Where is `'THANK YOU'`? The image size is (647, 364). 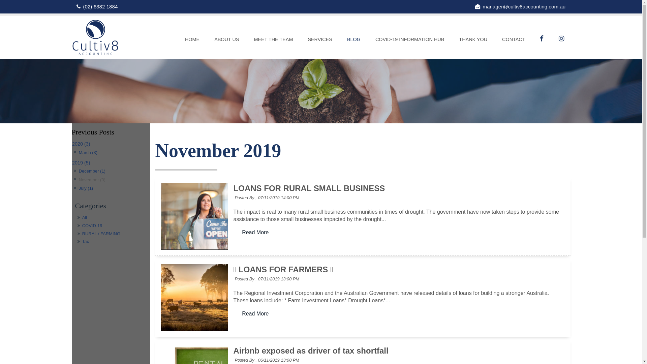
'THANK YOU' is located at coordinates (452, 40).